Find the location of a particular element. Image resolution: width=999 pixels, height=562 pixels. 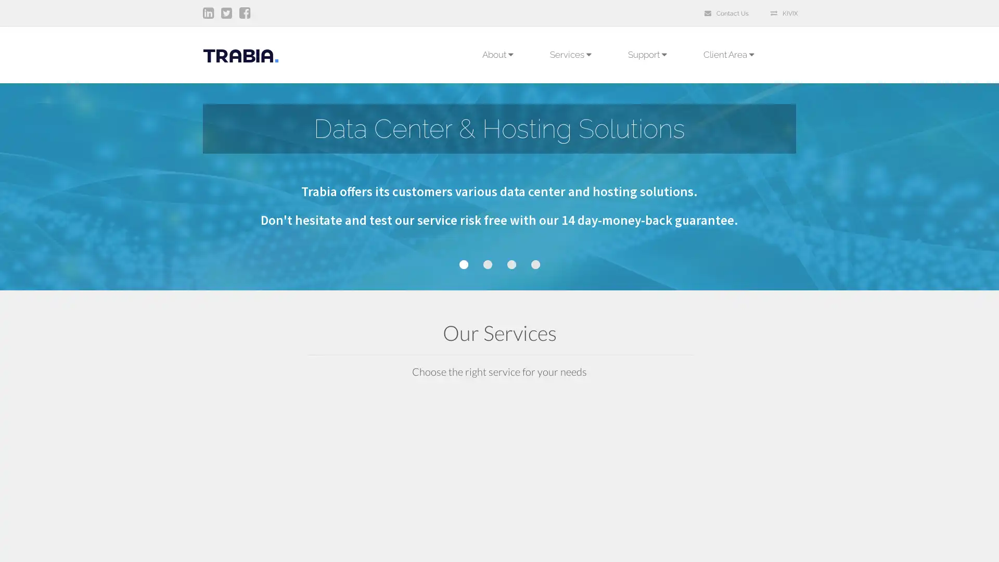

Support is located at coordinates (647, 54).